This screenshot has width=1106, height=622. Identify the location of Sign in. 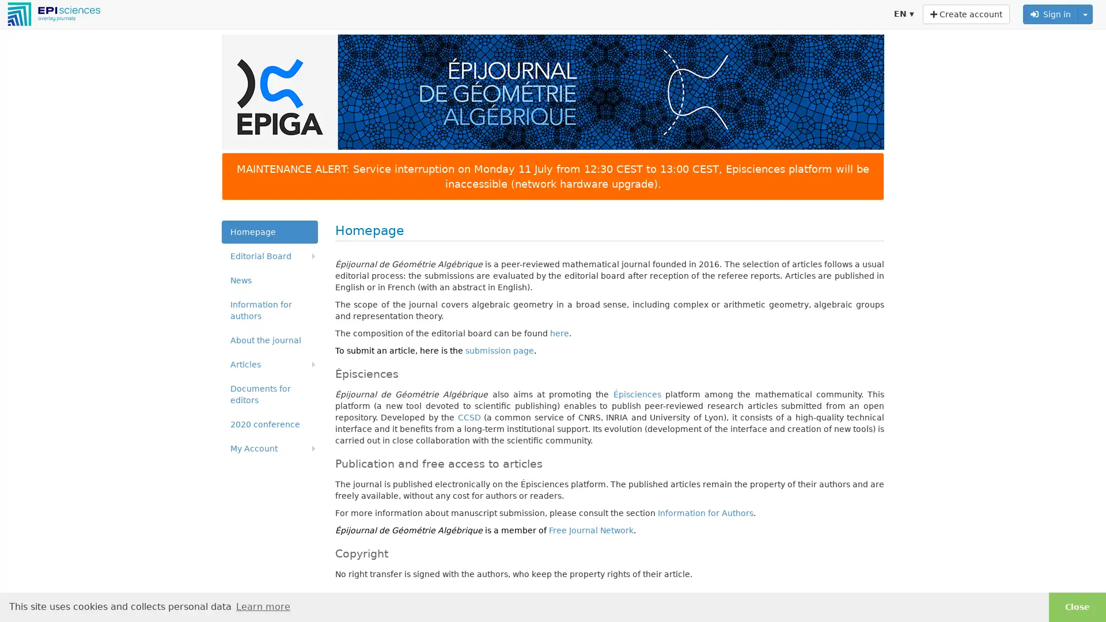
(1051, 14).